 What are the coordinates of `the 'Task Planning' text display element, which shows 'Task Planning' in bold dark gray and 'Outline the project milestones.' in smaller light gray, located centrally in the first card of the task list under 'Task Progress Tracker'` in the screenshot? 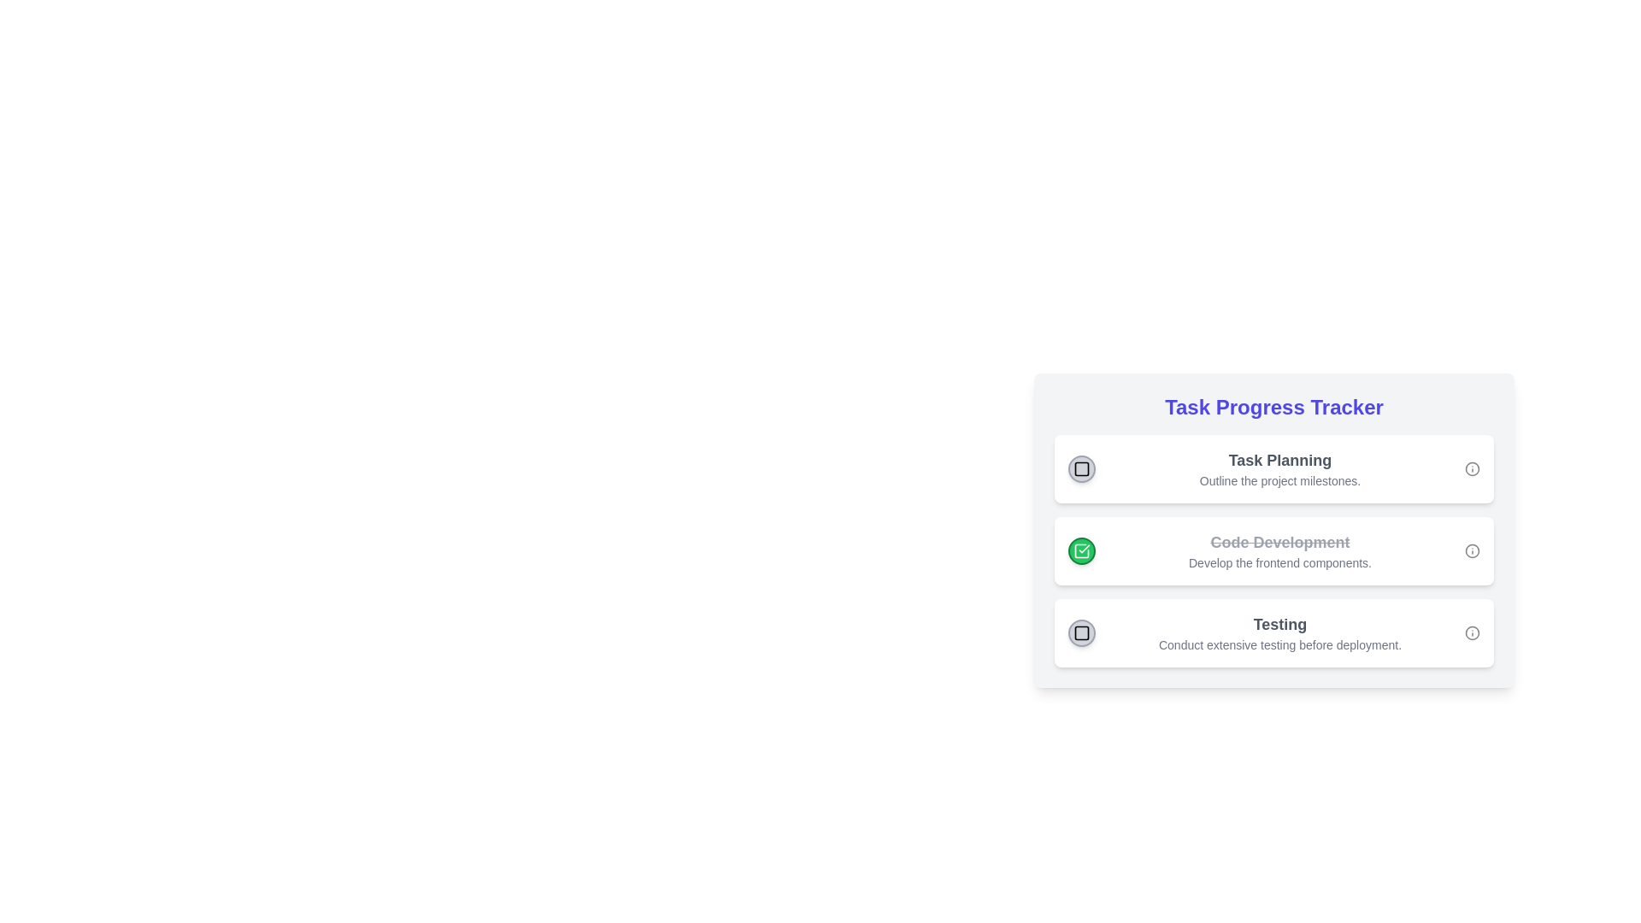 It's located at (1279, 468).